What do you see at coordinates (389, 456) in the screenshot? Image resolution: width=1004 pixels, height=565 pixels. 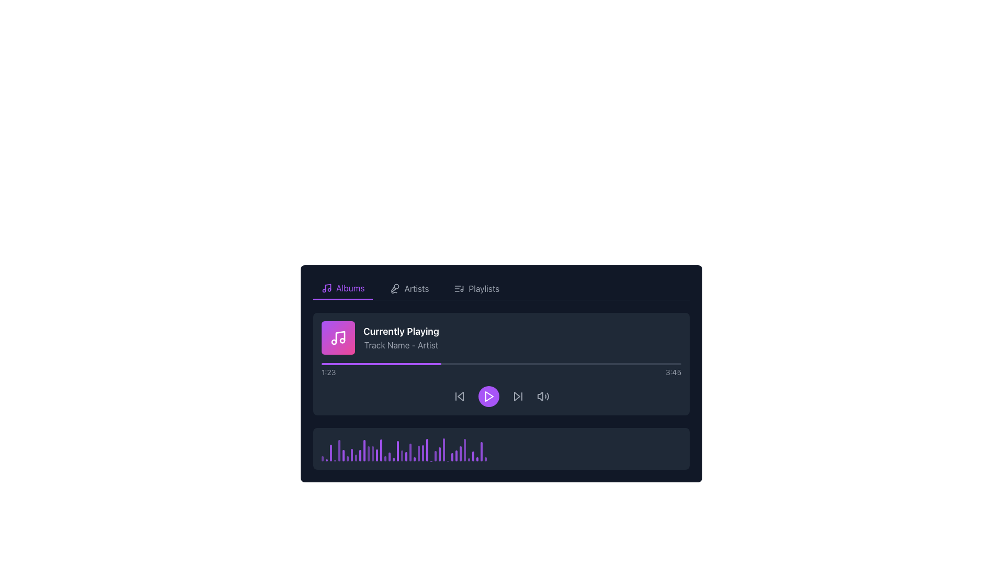 I see `the 18th vertical bar representing amplitude level in the audio waveform visualization located in the dark rectangular audiovisual panel at the bottom of the interface` at bounding box center [389, 456].